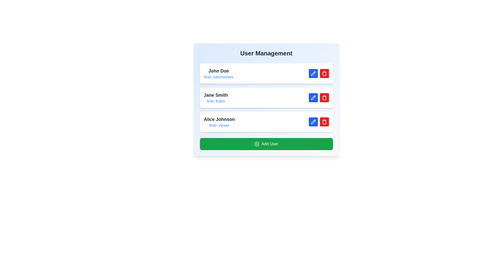  I want to click on delete button for the user John Doe to remove them from the list, so click(324, 74).